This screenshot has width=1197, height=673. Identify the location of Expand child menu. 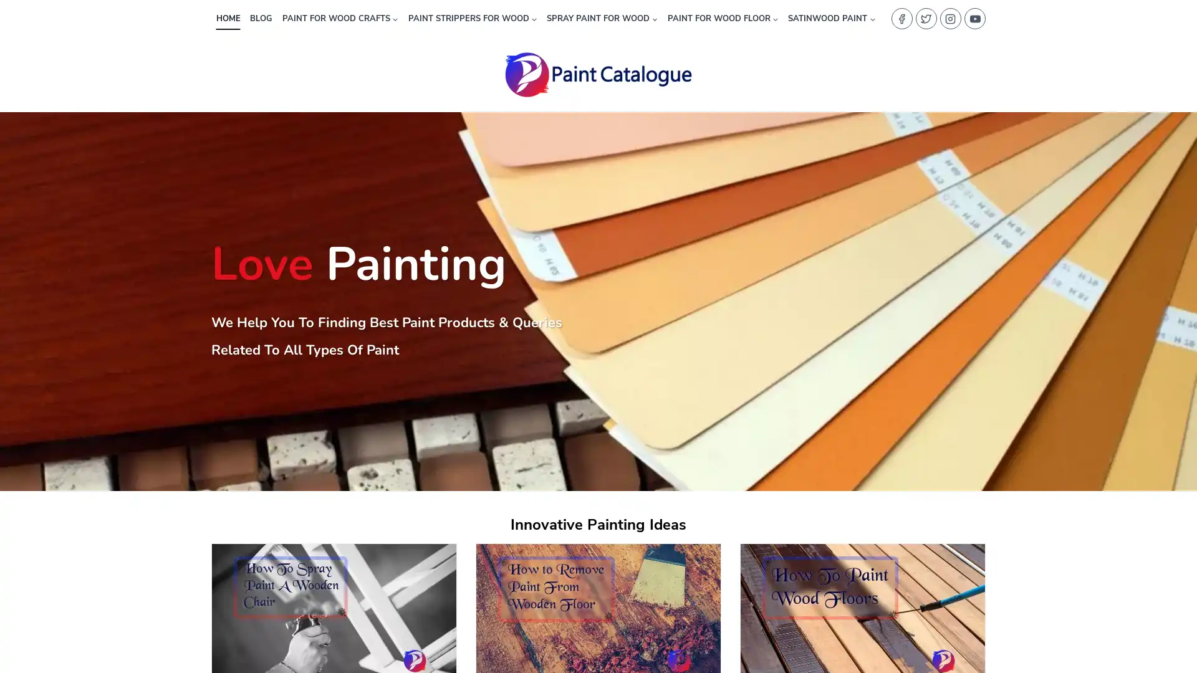
(722, 18).